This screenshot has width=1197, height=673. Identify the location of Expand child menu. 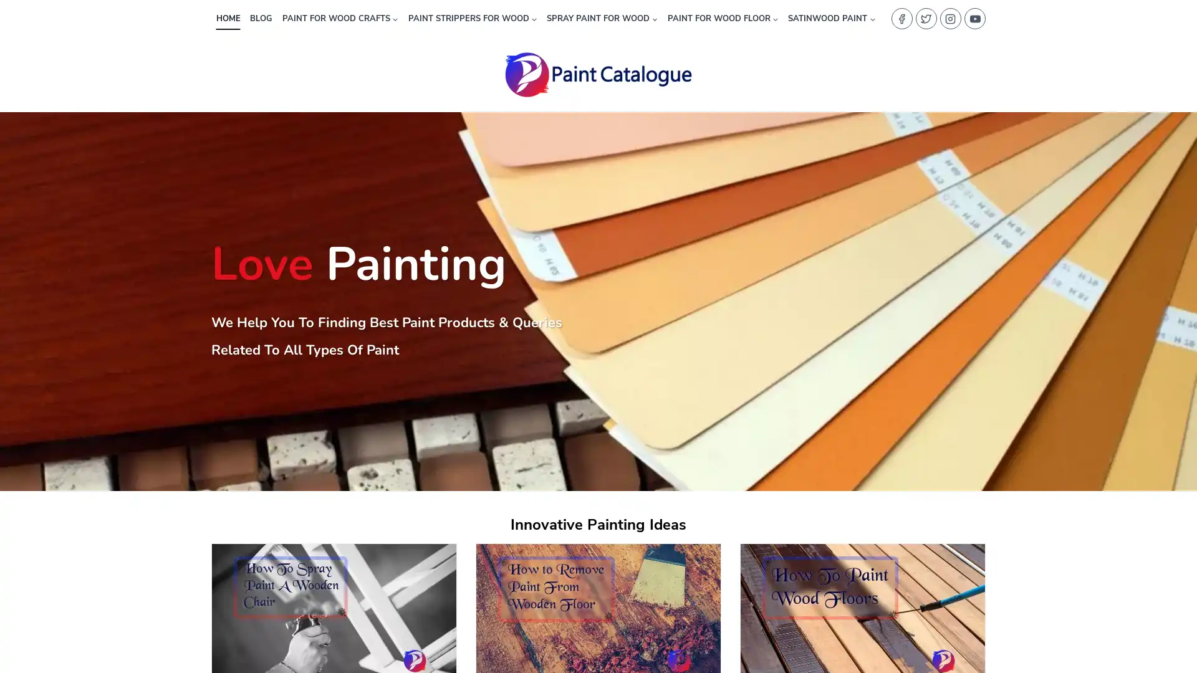
(722, 18).